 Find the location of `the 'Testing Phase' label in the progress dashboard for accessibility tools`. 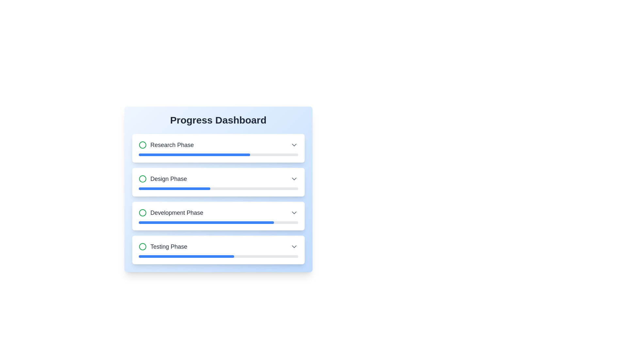

the 'Testing Phase' label in the progress dashboard for accessibility tools is located at coordinates (163, 246).